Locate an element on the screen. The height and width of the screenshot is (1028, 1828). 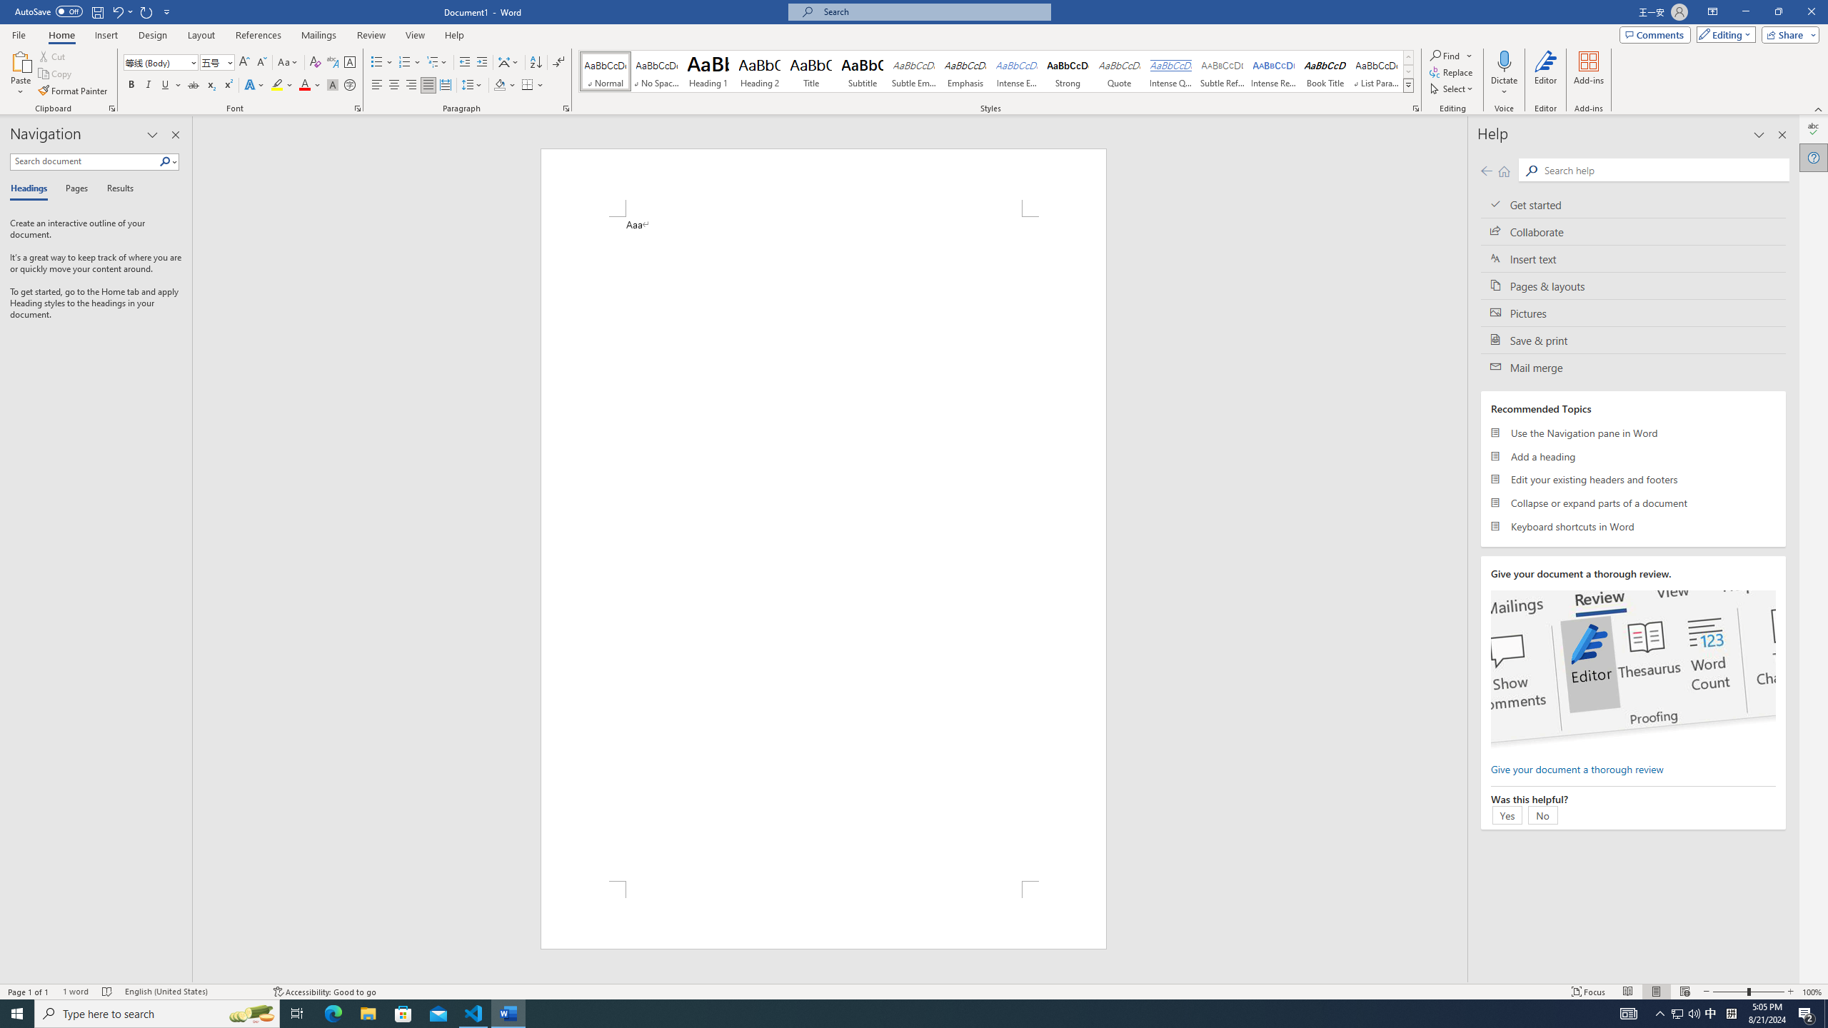
'Language English (United States)' is located at coordinates (191, 992).